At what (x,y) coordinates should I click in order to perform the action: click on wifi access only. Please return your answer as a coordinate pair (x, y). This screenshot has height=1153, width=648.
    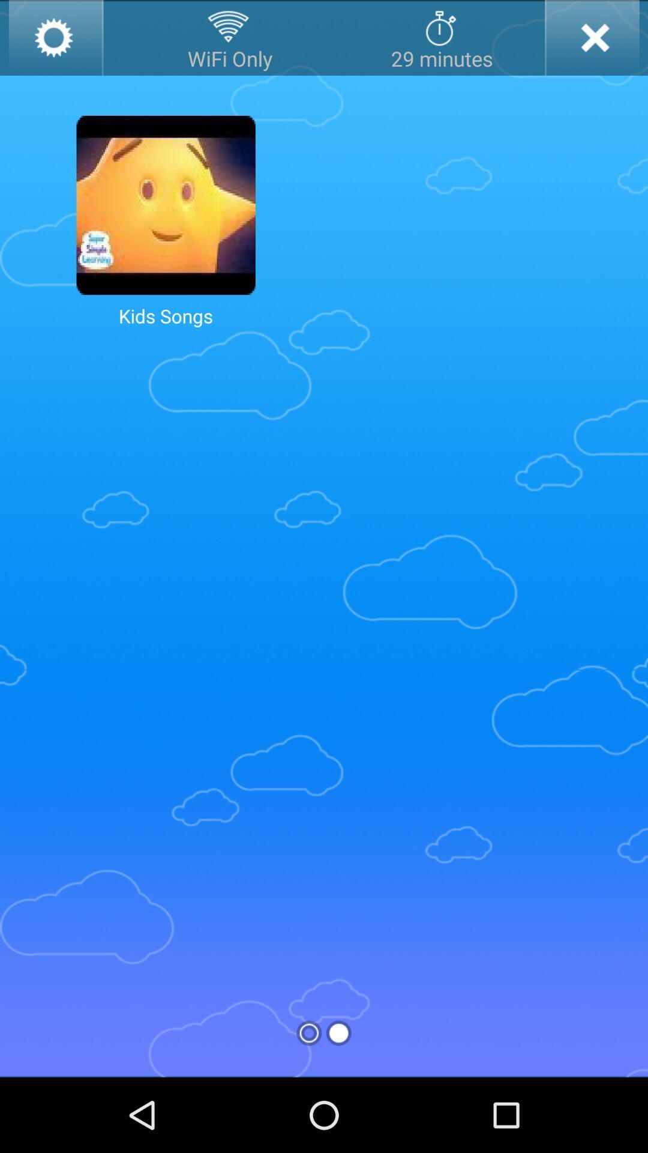
    Looking at the image, I should click on (230, 37).